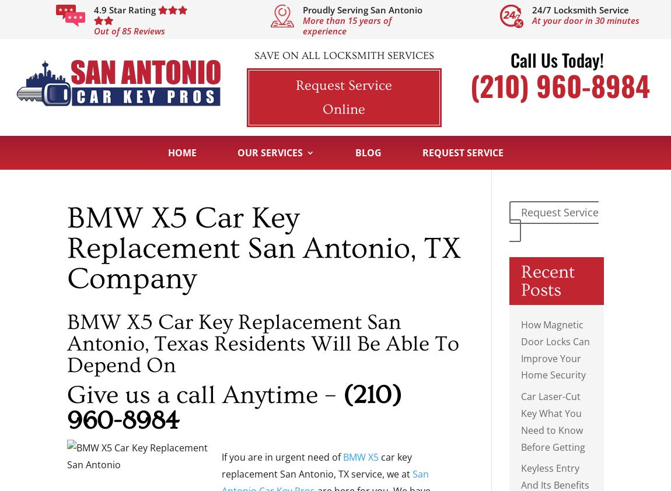 The height and width of the screenshot is (491, 671). What do you see at coordinates (317, 465) in the screenshot?
I see `'car key replacement San Antonio, TX service, we at'` at bounding box center [317, 465].